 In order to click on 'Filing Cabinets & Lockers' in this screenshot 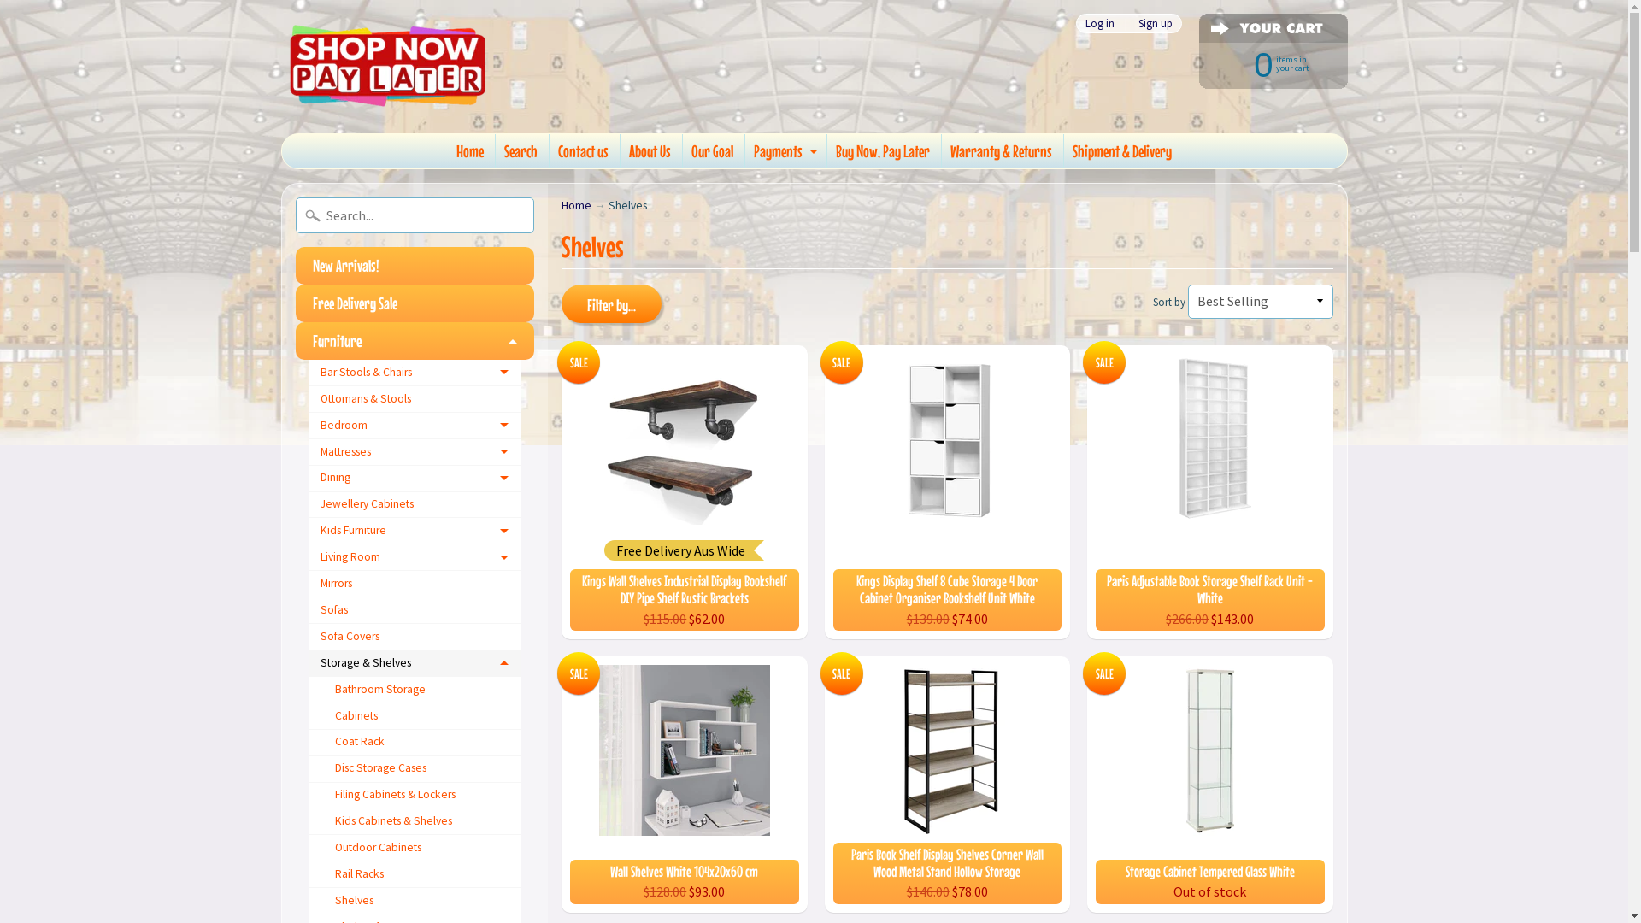, I will do `click(415, 796)`.